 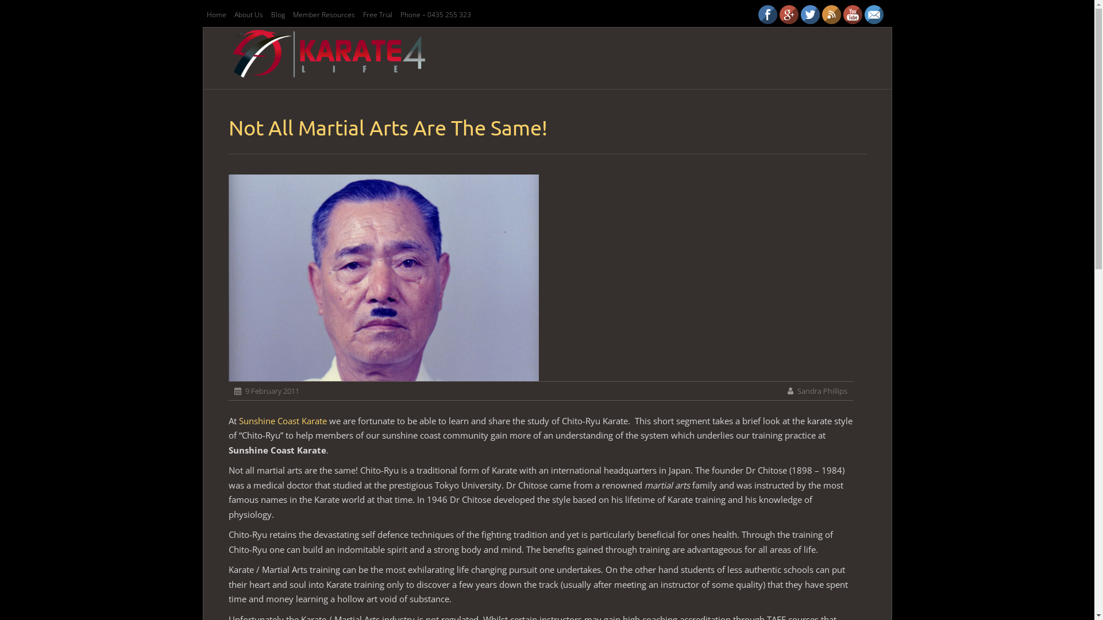 What do you see at coordinates (230, 14) in the screenshot?
I see `'About Us'` at bounding box center [230, 14].